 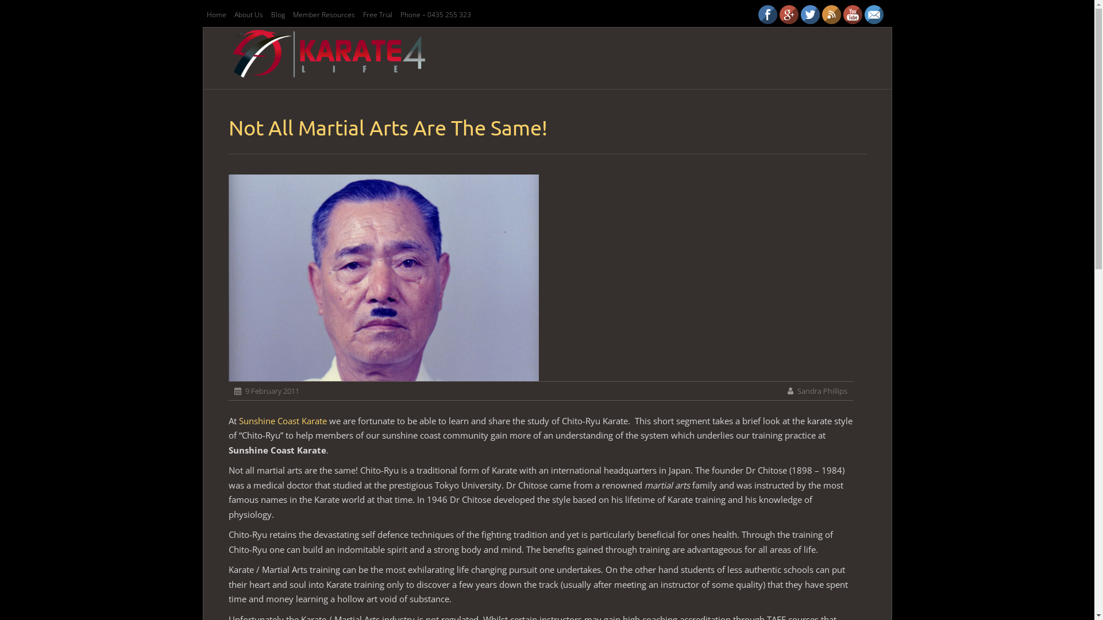 What do you see at coordinates (230, 14) in the screenshot?
I see `'About Us'` at bounding box center [230, 14].